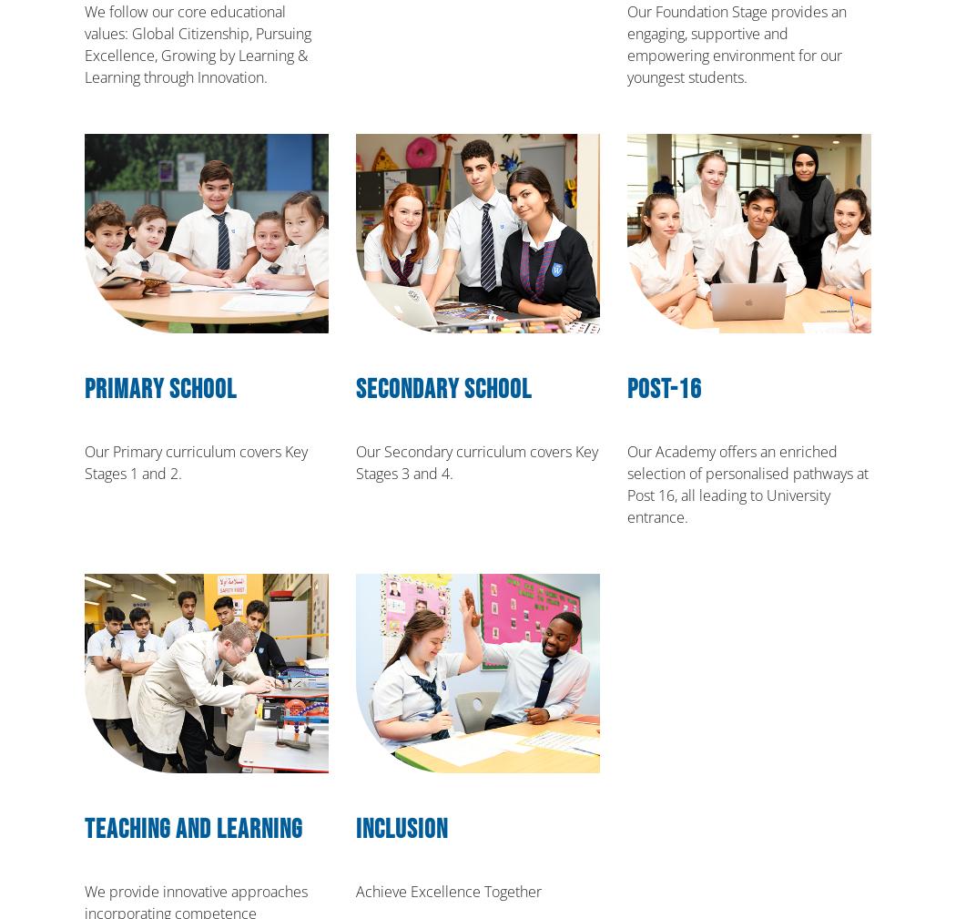 This screenshot has width=956, height=919. I want to click on 'Achieve Excellence Together', so click(356, 891).